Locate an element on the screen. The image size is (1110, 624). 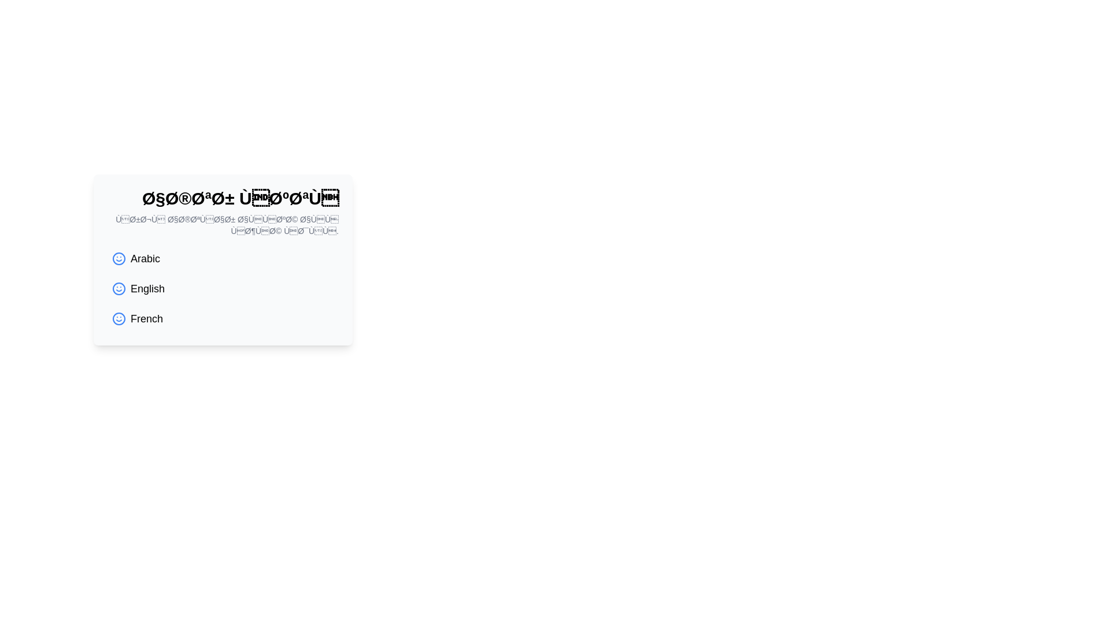
the 'Arabic' language option text label, which is the first entry in the list of selectable languages, positioned to the right of a blue smiley face icon is located at coordinates (145, 258).